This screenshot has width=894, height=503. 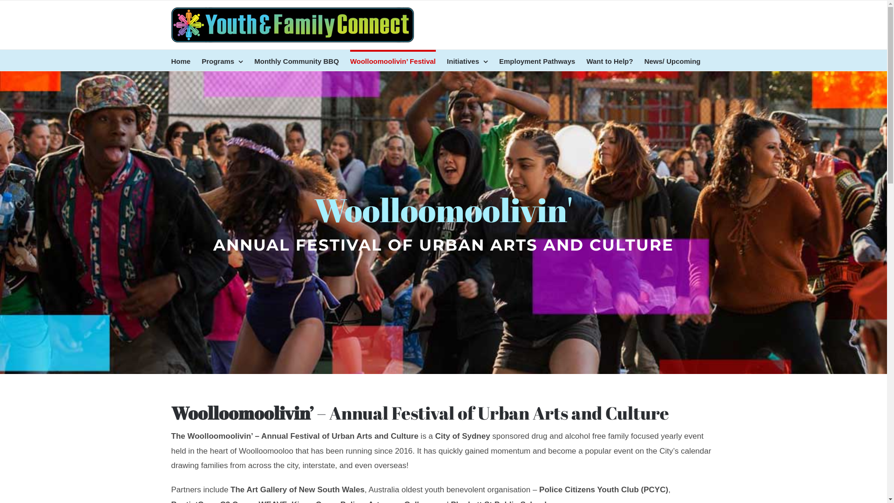 I want to click on 'News/ Upcoming', so click(x=672, y=60).